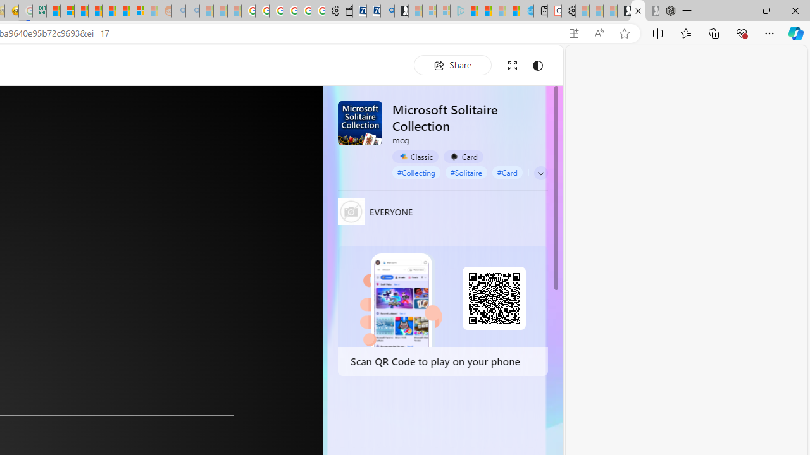 The image size is (810, 455). Describe the element at coordinates (463, 156) in the screenshot. I see `'Card'` at that location.